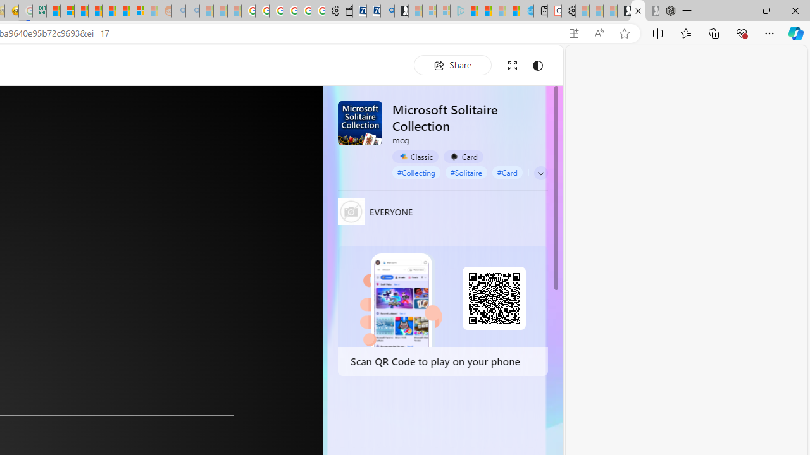 The image size is (810, 455). Describe the element at coordinates (463, 156) in the screenshot. I see `'Card'` at that location.